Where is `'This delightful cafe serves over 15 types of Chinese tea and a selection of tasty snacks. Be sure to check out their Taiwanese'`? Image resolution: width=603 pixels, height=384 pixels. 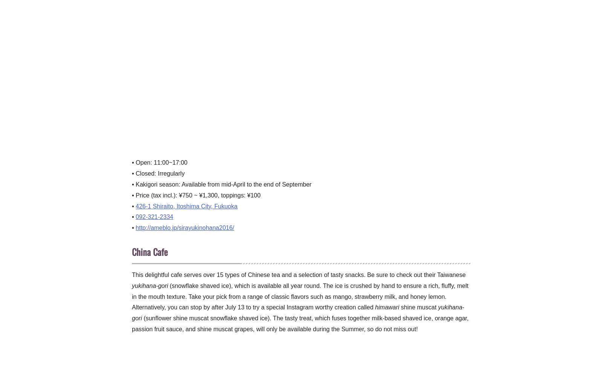
'This delightful cafe serves over 15 types of Chinese tea and a selection of tasty snacks. Be sure to check out their Taiwanese' is located at coordinates (298, 275).